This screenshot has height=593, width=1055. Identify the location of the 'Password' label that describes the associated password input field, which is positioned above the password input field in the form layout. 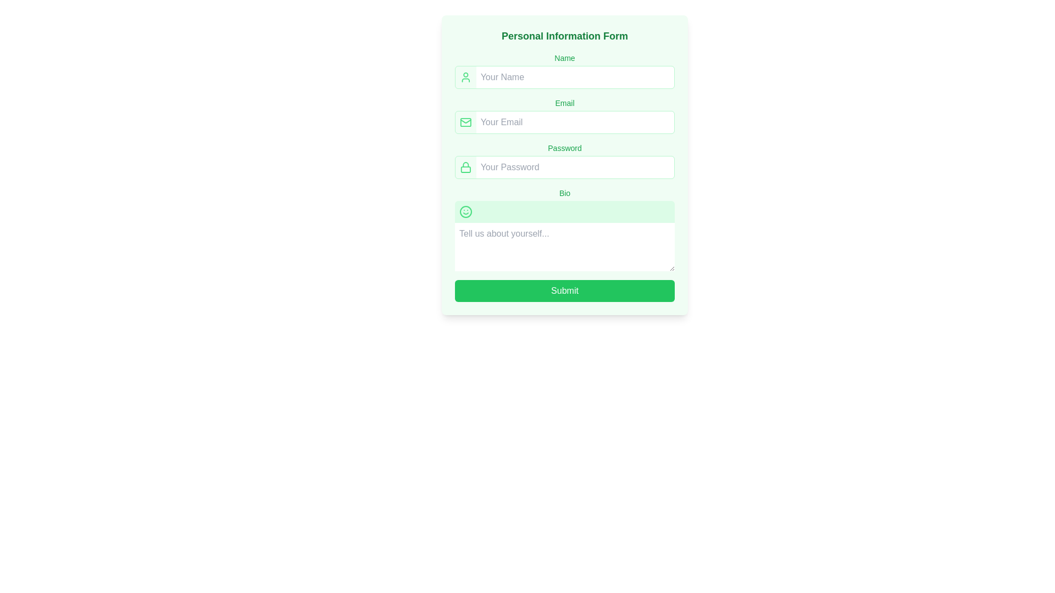
(564, 148).